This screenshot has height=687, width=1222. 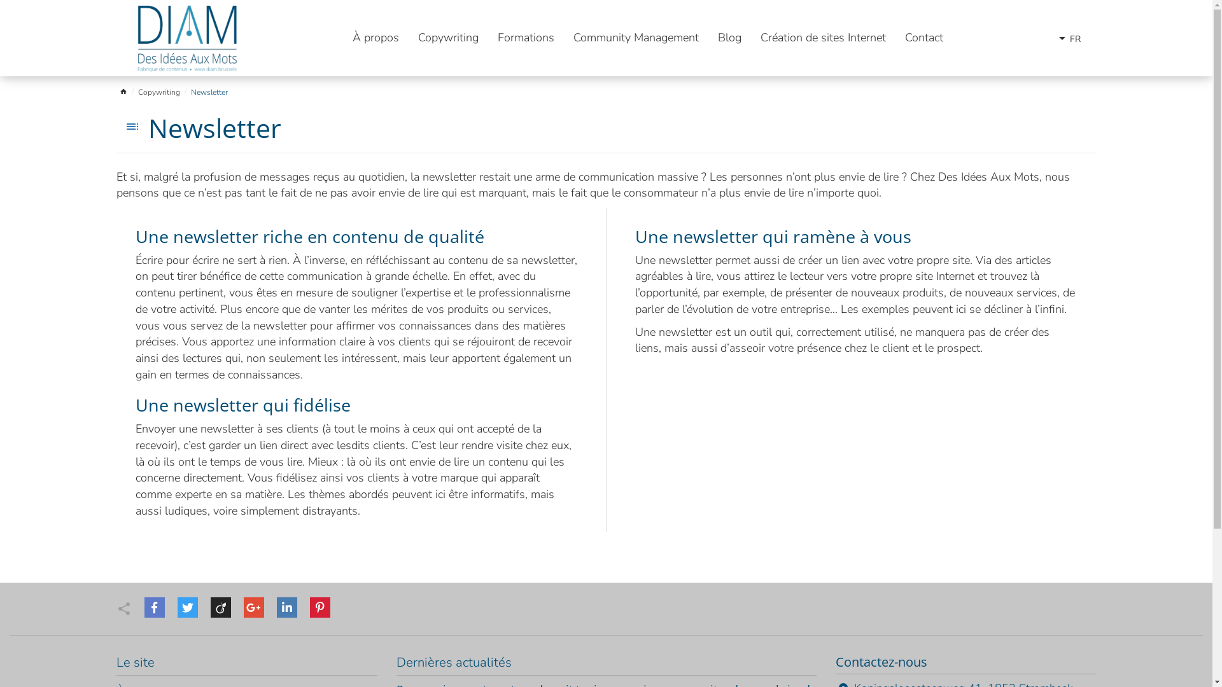 I want to click on 'Twitter', so click(x=186, y=607).